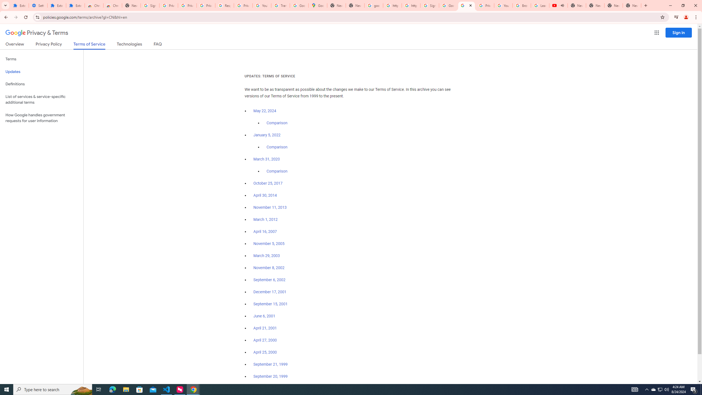 The image size is (702, 395). I want to click on 'March 31, 2020', so click(266, 159).